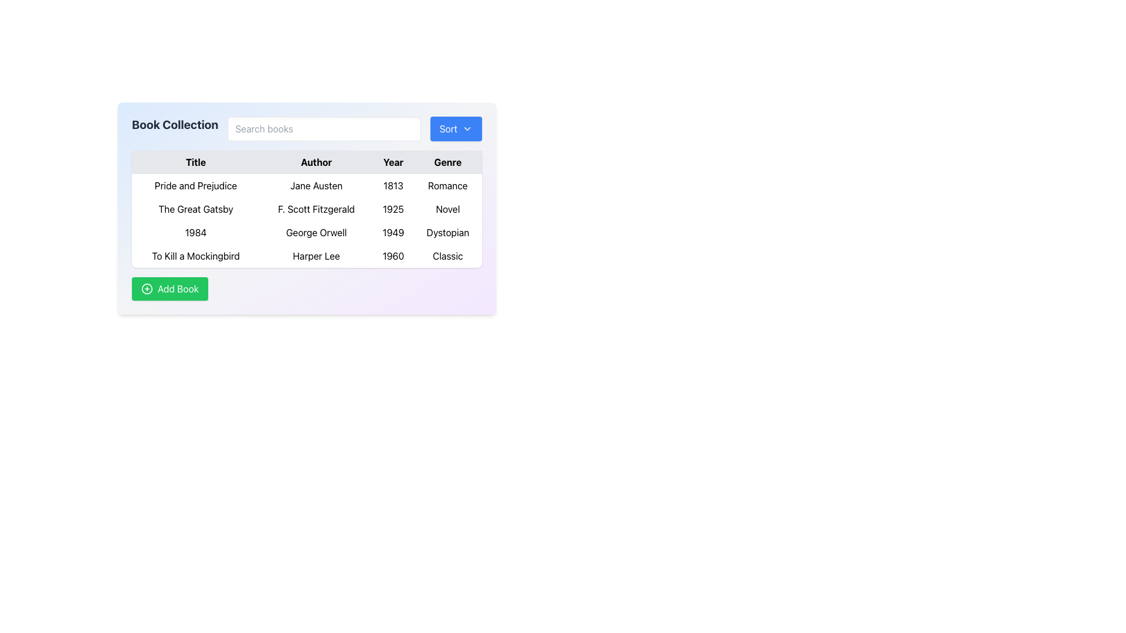 This screenshot has width=1126, height=633. I want to click on the Text Label indicating the genre of the book 'Pride and Prejudice' in the first row of the table, so click(447, 185).